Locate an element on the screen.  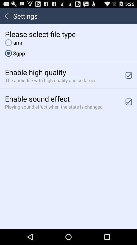
the check icon is located at coordinates (129, 109).